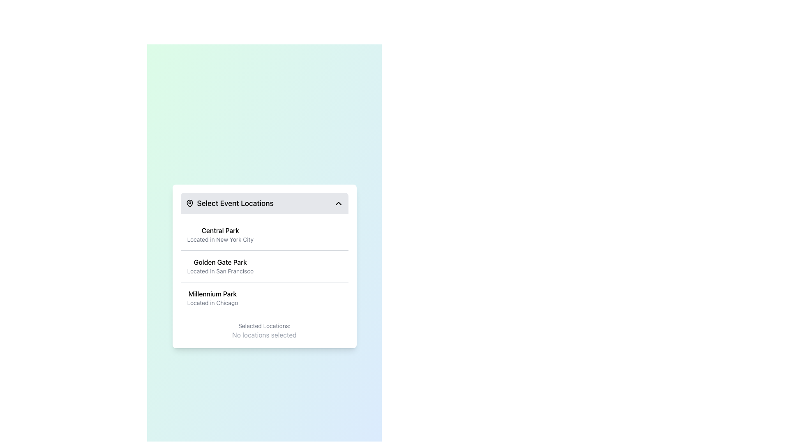  What do you see at coordinates (220, 234) in the screenshot?
I see `the text element displaying 'Central Park'` at bounding box center [220, 234].